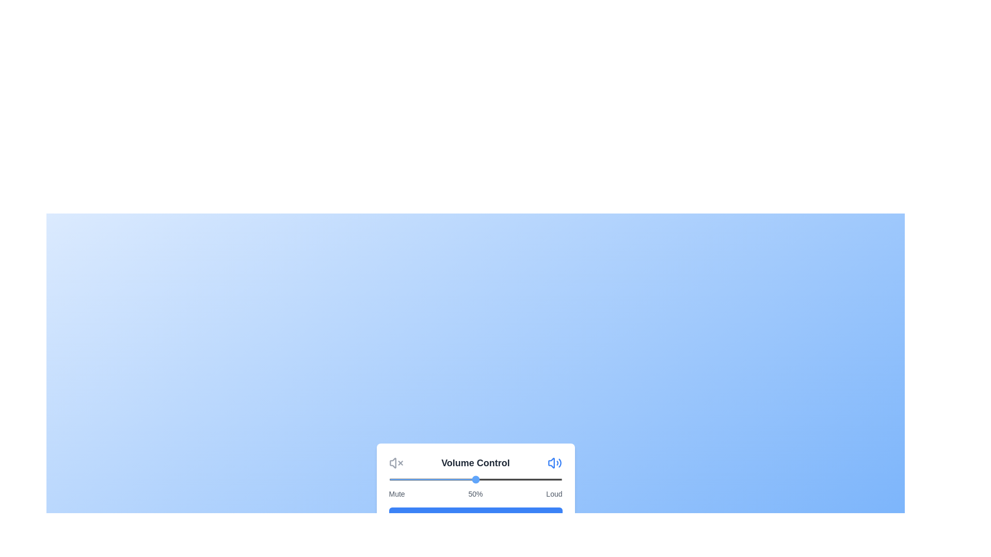 The image size is (991, 557). Describe the element at coordinates (490, 479) in the screenshot. I see `the volume slider to 59%` at that location.